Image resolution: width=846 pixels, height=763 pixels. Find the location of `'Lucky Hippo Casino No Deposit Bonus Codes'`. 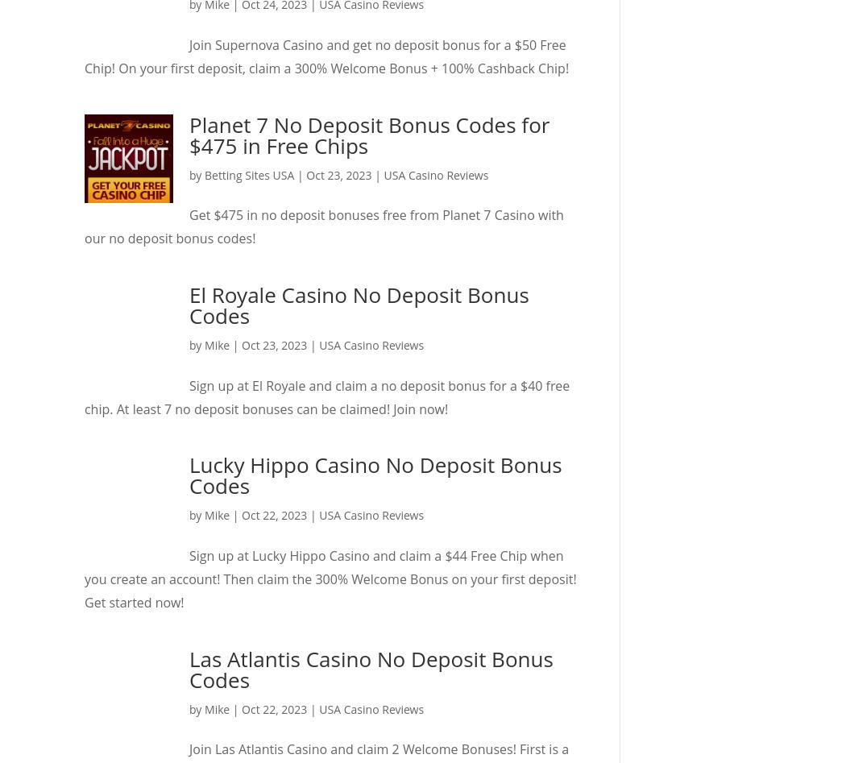

'Lucky Hippo Casino No Deposit Bonus Codes' is located at coordinates (375, 475).